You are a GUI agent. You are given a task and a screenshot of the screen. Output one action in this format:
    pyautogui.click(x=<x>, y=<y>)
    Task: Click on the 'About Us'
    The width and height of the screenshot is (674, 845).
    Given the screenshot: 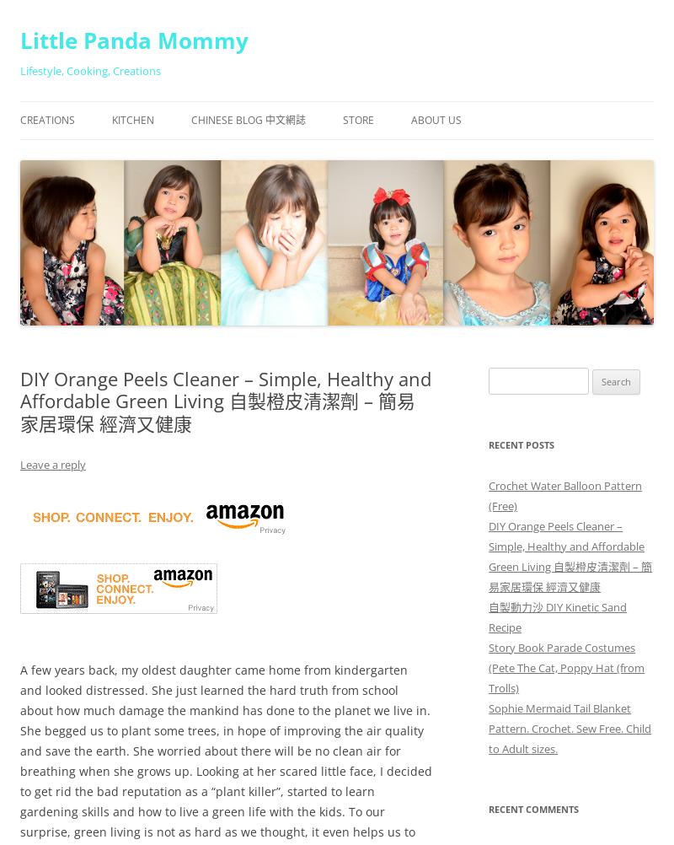 What is the action you would take?
    pyautogui.click(x=411, y=119)
    